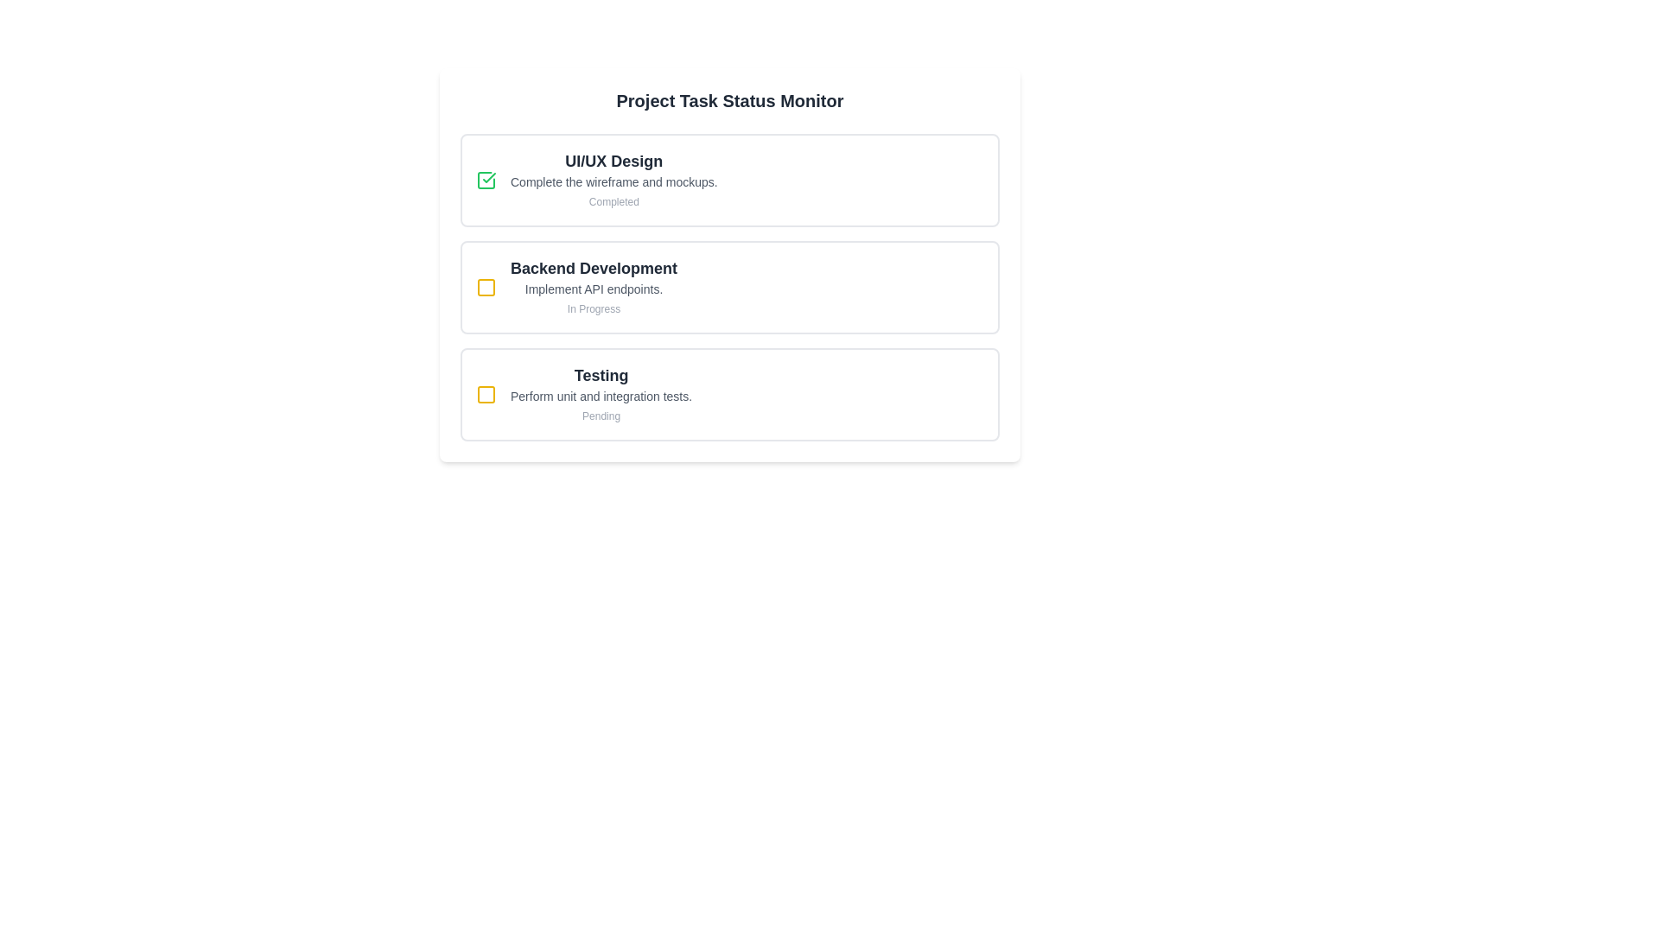 The image size is (1659, 933). I want to click on text label displaying 'Implement API endpoints.' in gray color, located within the 'Backend Development' section, so click(594, 289).